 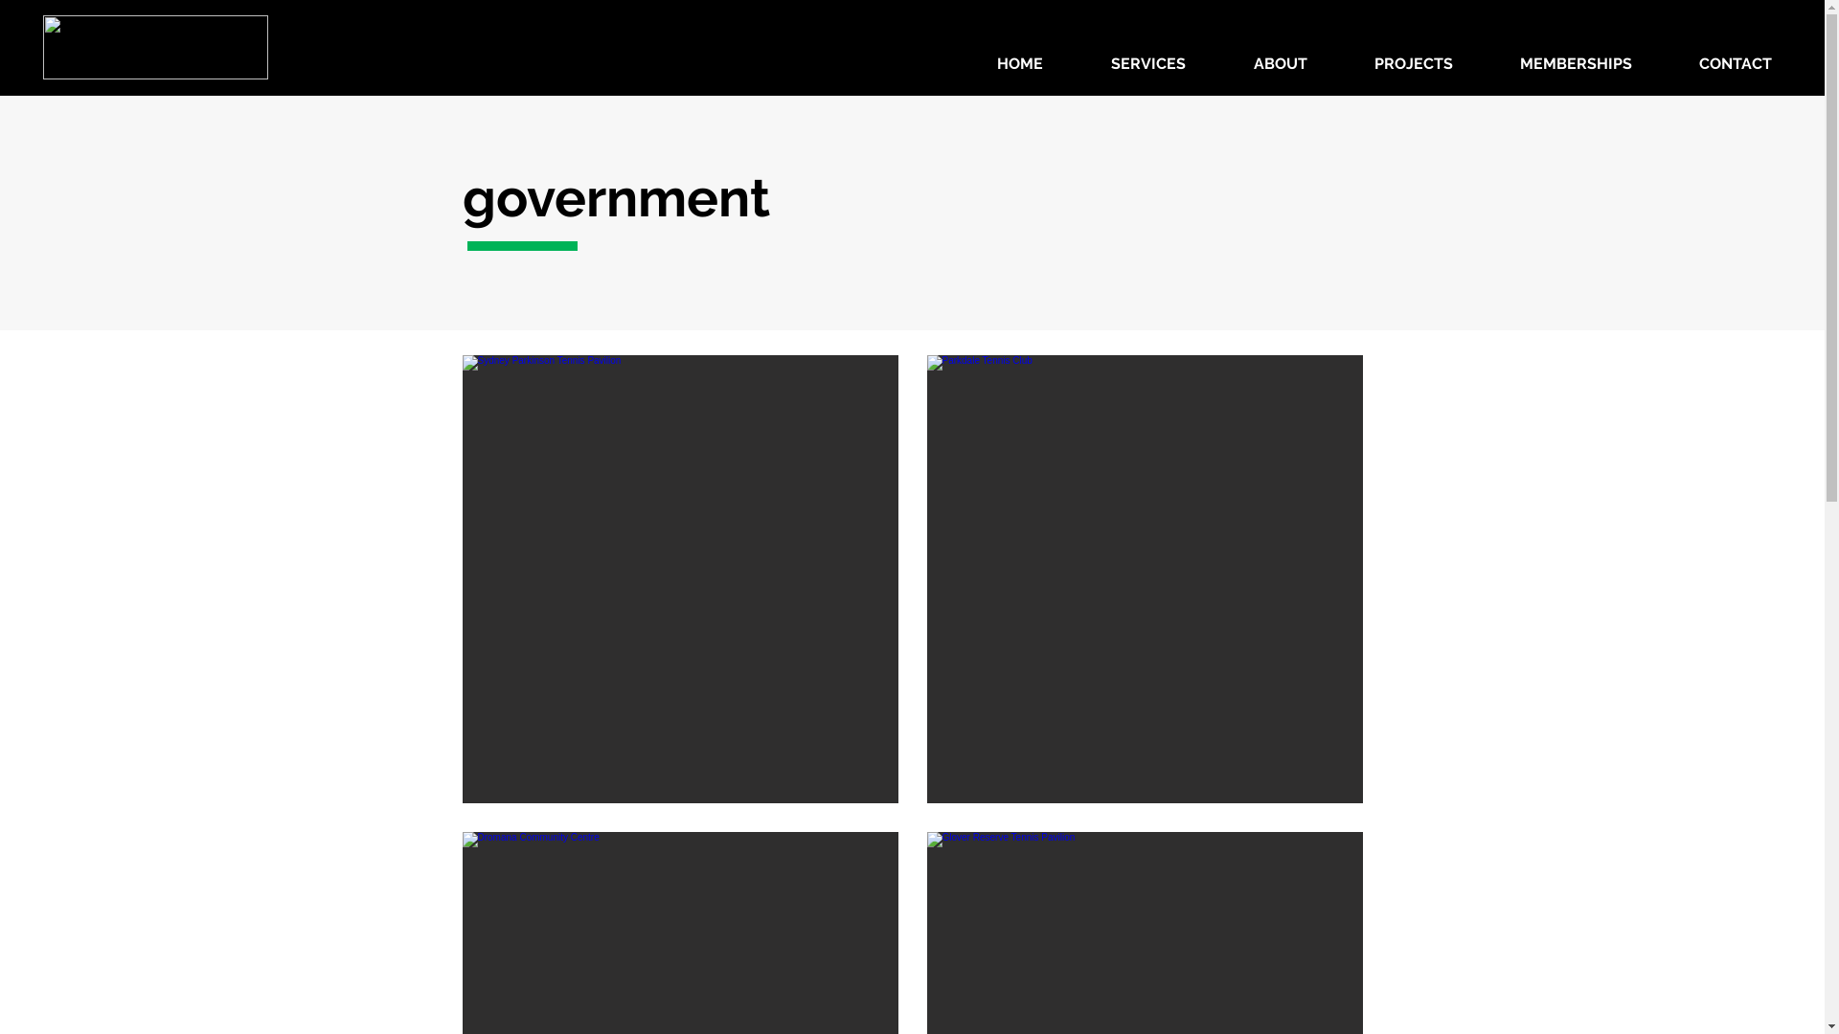 What do you see at coordinates (1664, 62) in the screenshot?
I see `'CONTACT'` at bounding box center [1664, 62].